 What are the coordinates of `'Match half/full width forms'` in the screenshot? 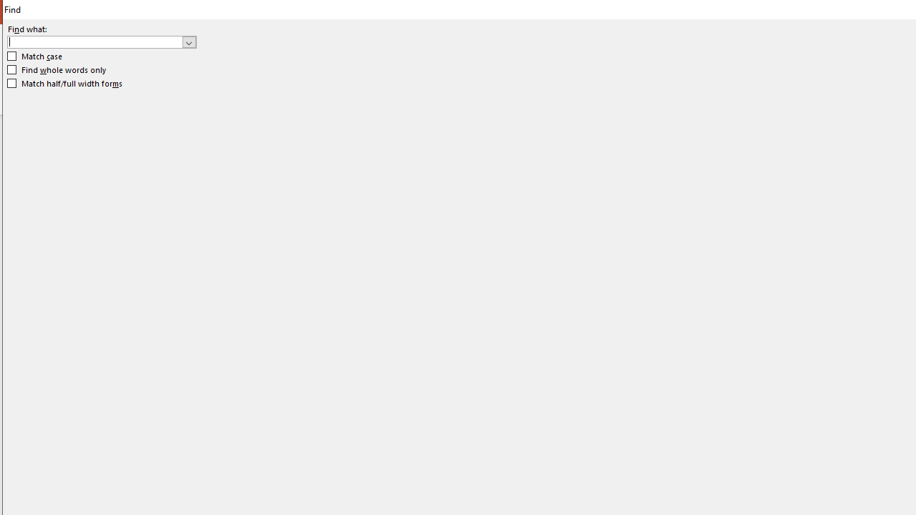 It's located at (64, 84).